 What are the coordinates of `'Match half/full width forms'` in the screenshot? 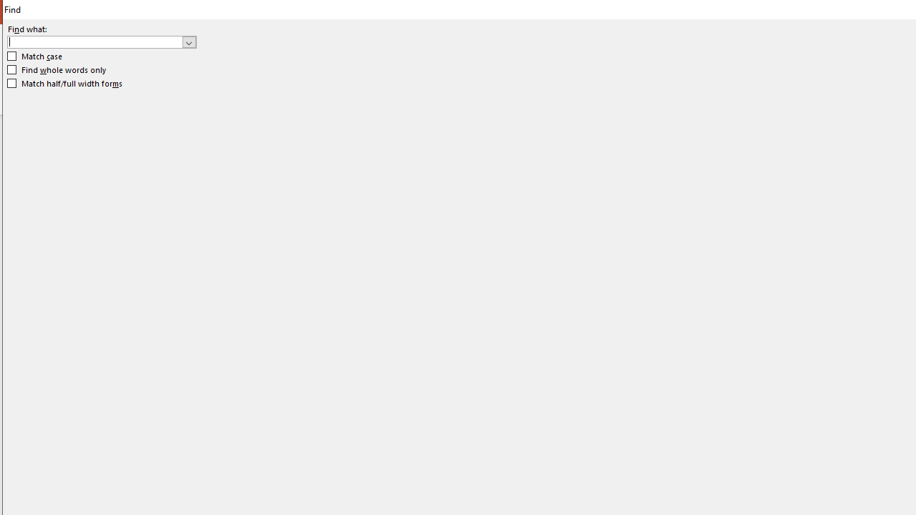 It's located at (64, 84).